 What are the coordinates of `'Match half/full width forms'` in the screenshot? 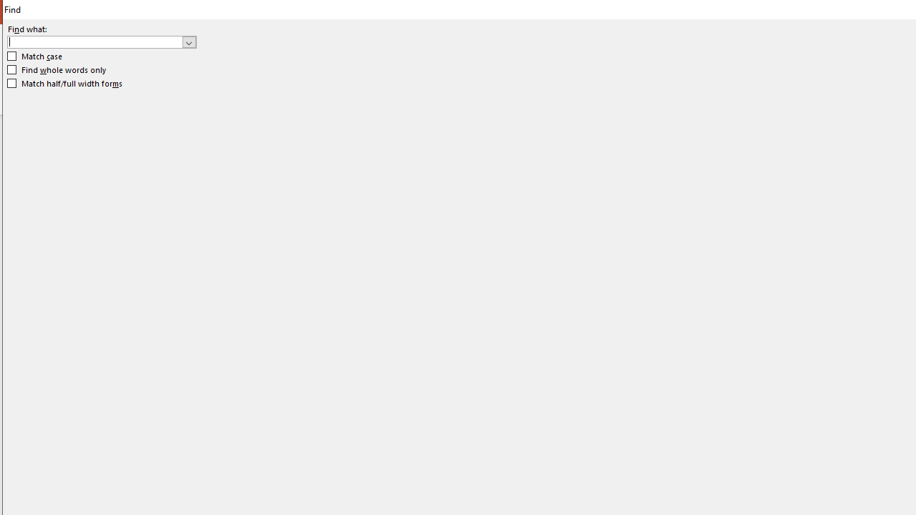 It's located at (64, 84).